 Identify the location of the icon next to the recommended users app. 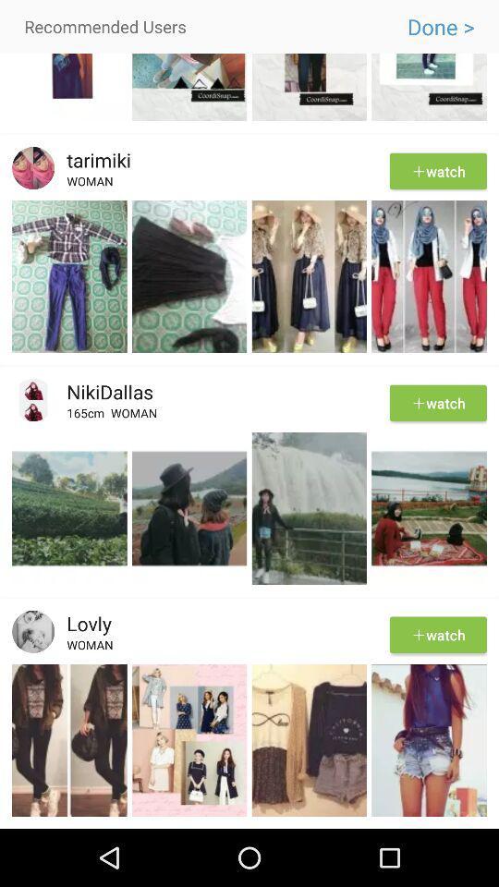
(440, 26).